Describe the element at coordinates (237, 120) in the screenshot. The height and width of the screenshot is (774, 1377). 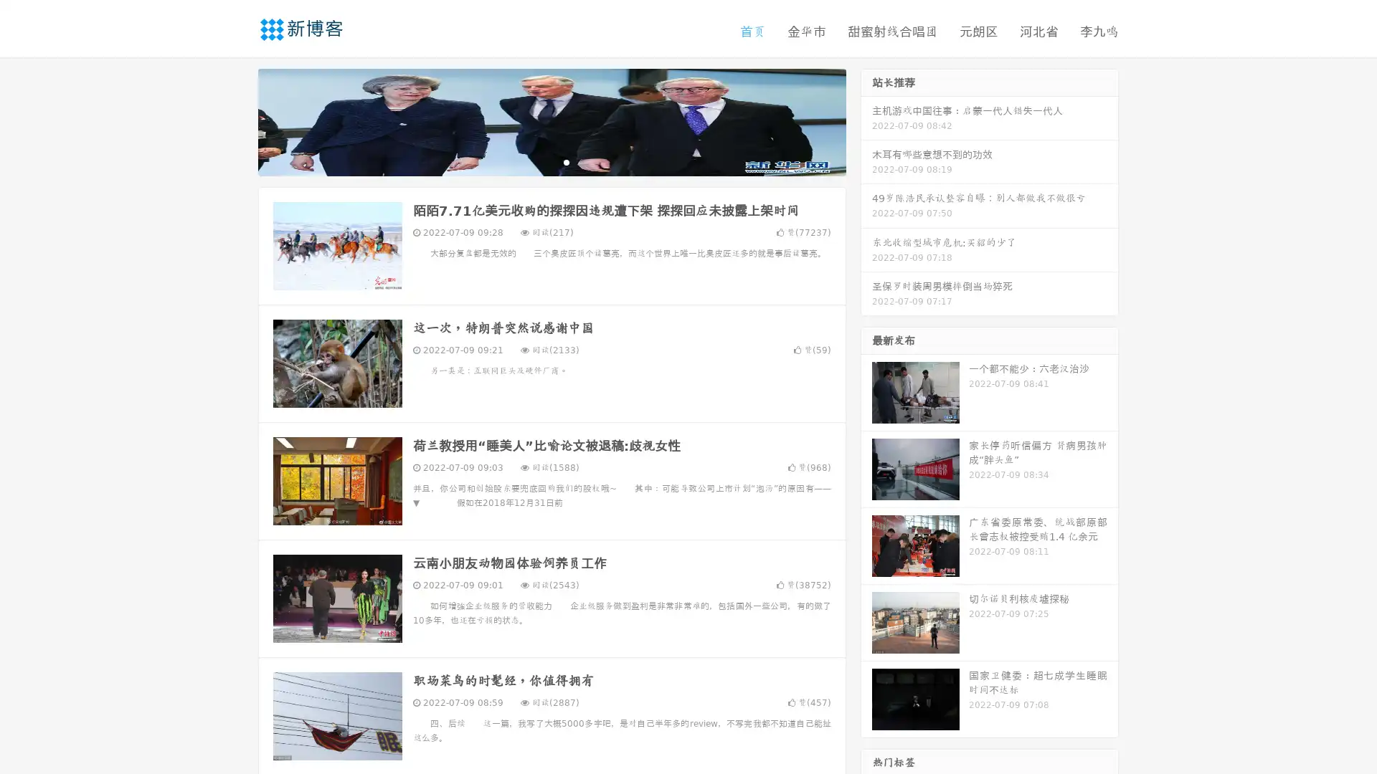
I see `Previous slide` at that location.